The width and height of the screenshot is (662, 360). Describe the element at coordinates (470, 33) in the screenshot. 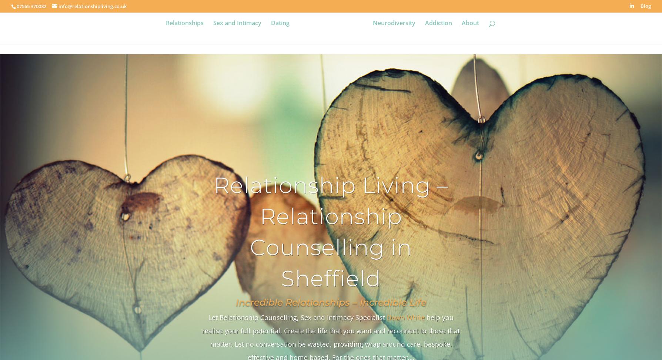

I see `'About'` at that location.